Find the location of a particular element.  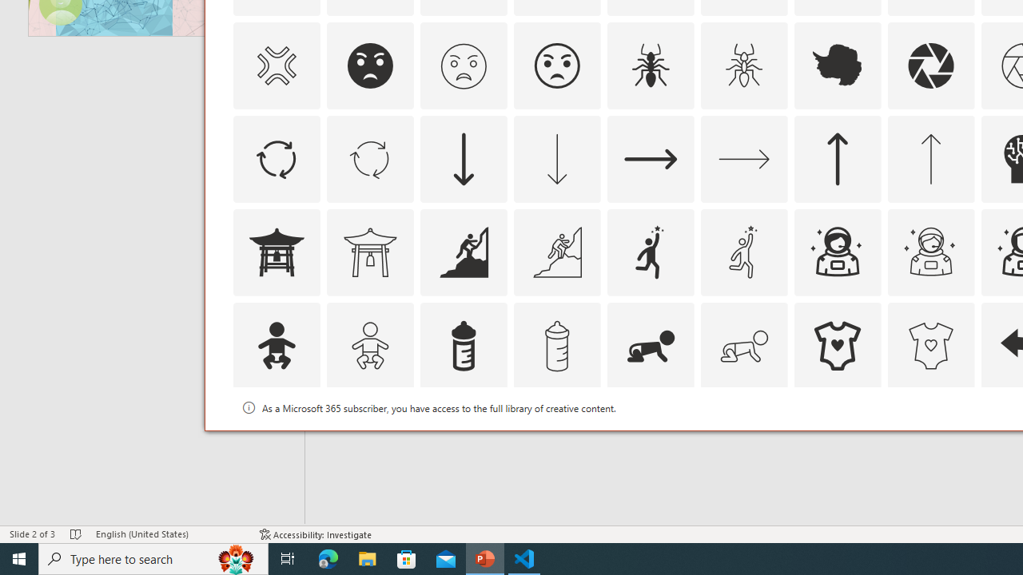

'AutomationID: Icons_ArrowUp_M' is located at coordinates (930, 158).